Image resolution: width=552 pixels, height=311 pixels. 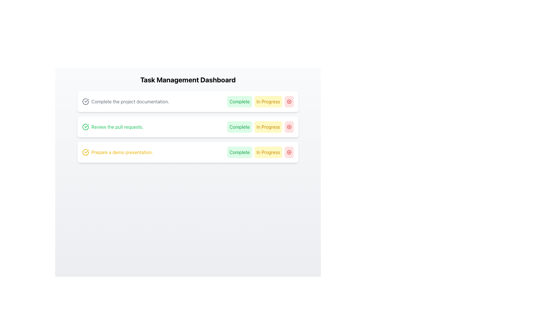 What do you see at coordinates (289, 152) in the screenshot?
I see `the graphical icon component that resembles an 'X', located at the far right of the third task item row in the task management dashboard` at bounding box center [289, 152].